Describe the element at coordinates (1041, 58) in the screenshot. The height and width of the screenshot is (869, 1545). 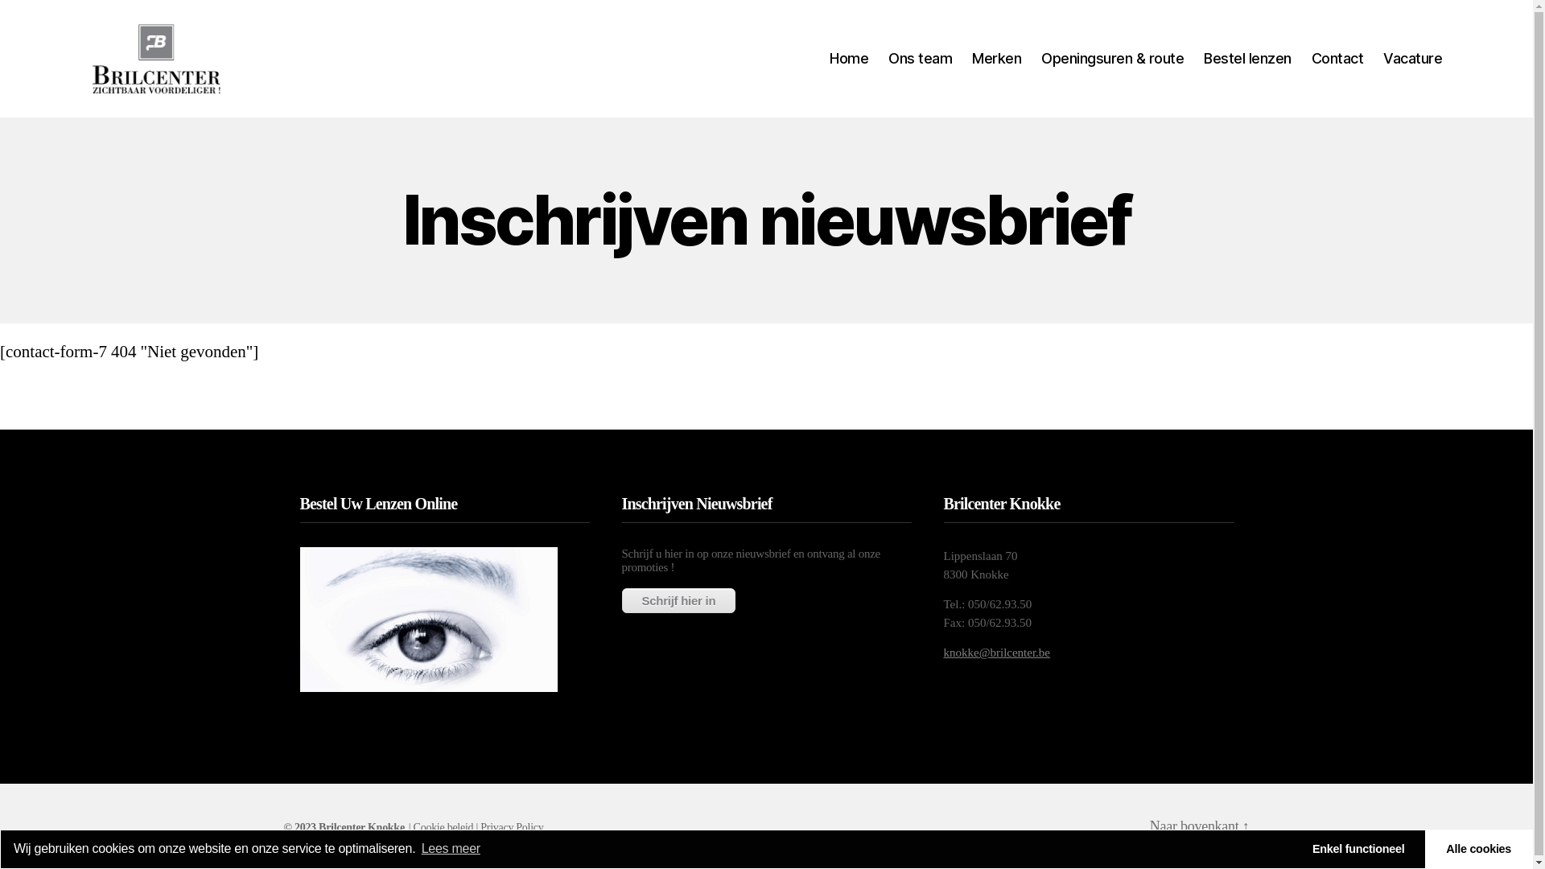
I see `'Openingsuren & route'` at that location.